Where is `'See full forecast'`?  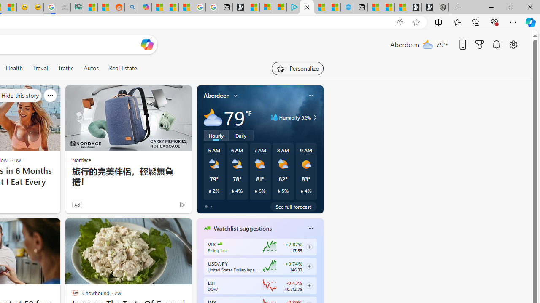
'See full forecast' is located at coordinates (293, 207).